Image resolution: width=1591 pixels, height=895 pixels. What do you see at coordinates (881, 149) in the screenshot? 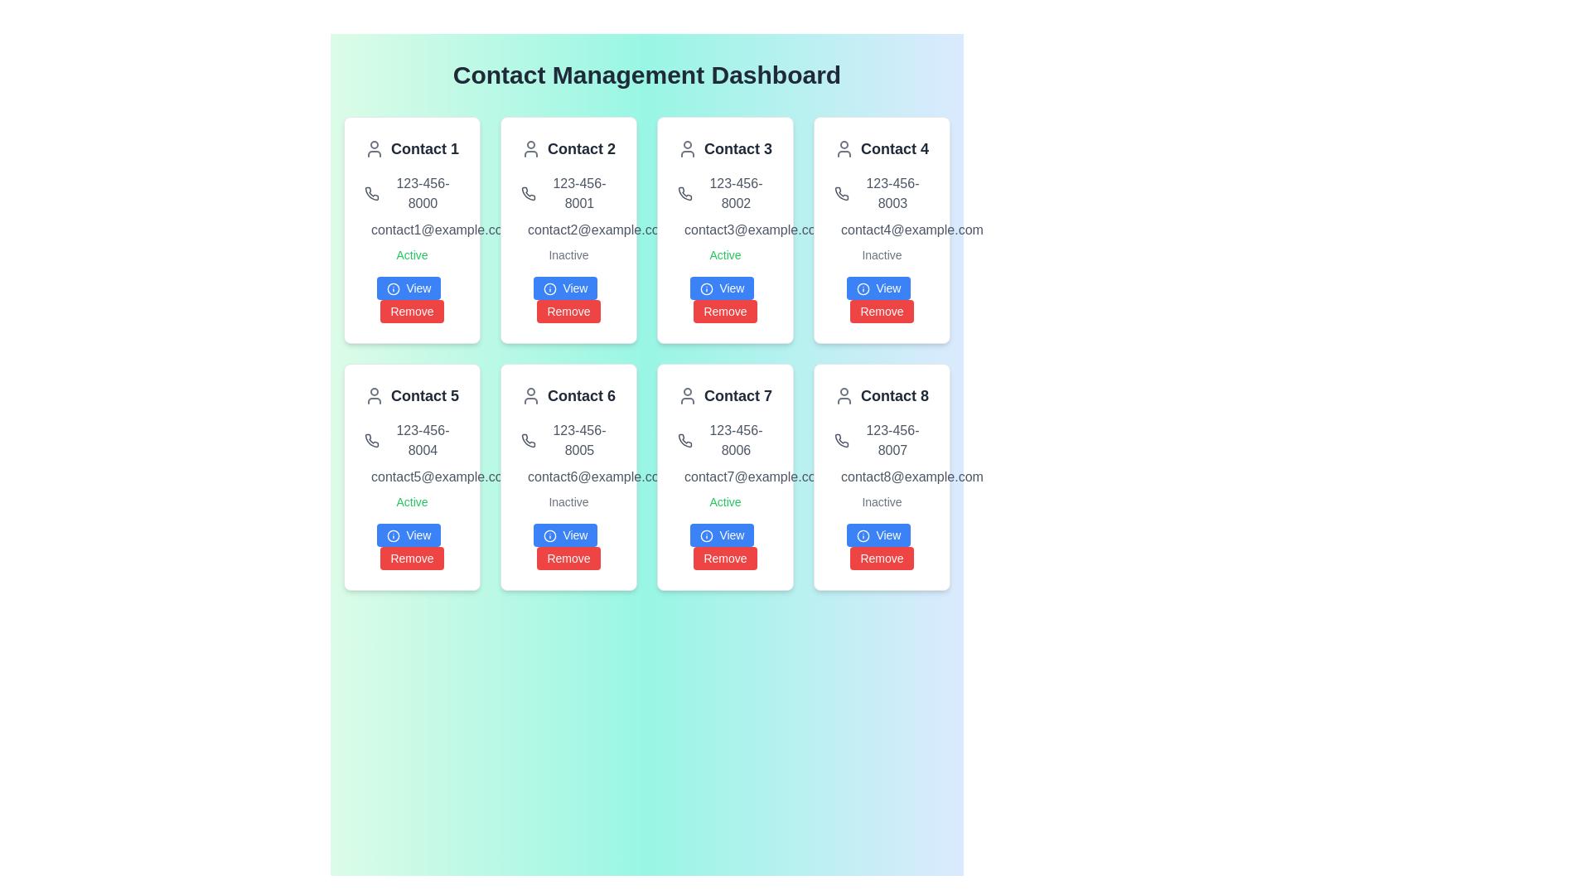
I see `the text display reading 'Contact 4', which is bold and dark-colored, located at the top of the fourth card in the grid layout` at bounding box center [881, 149].